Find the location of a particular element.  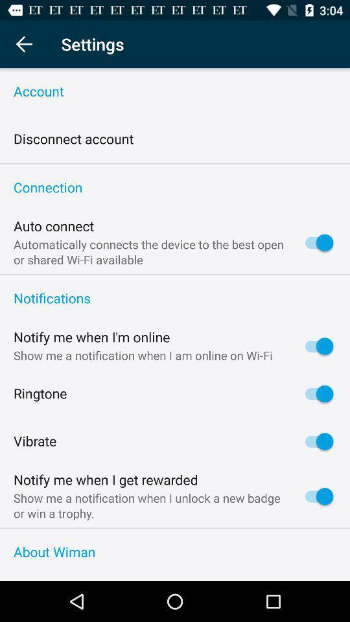

return to main menu is located at coordinates (23, 44).